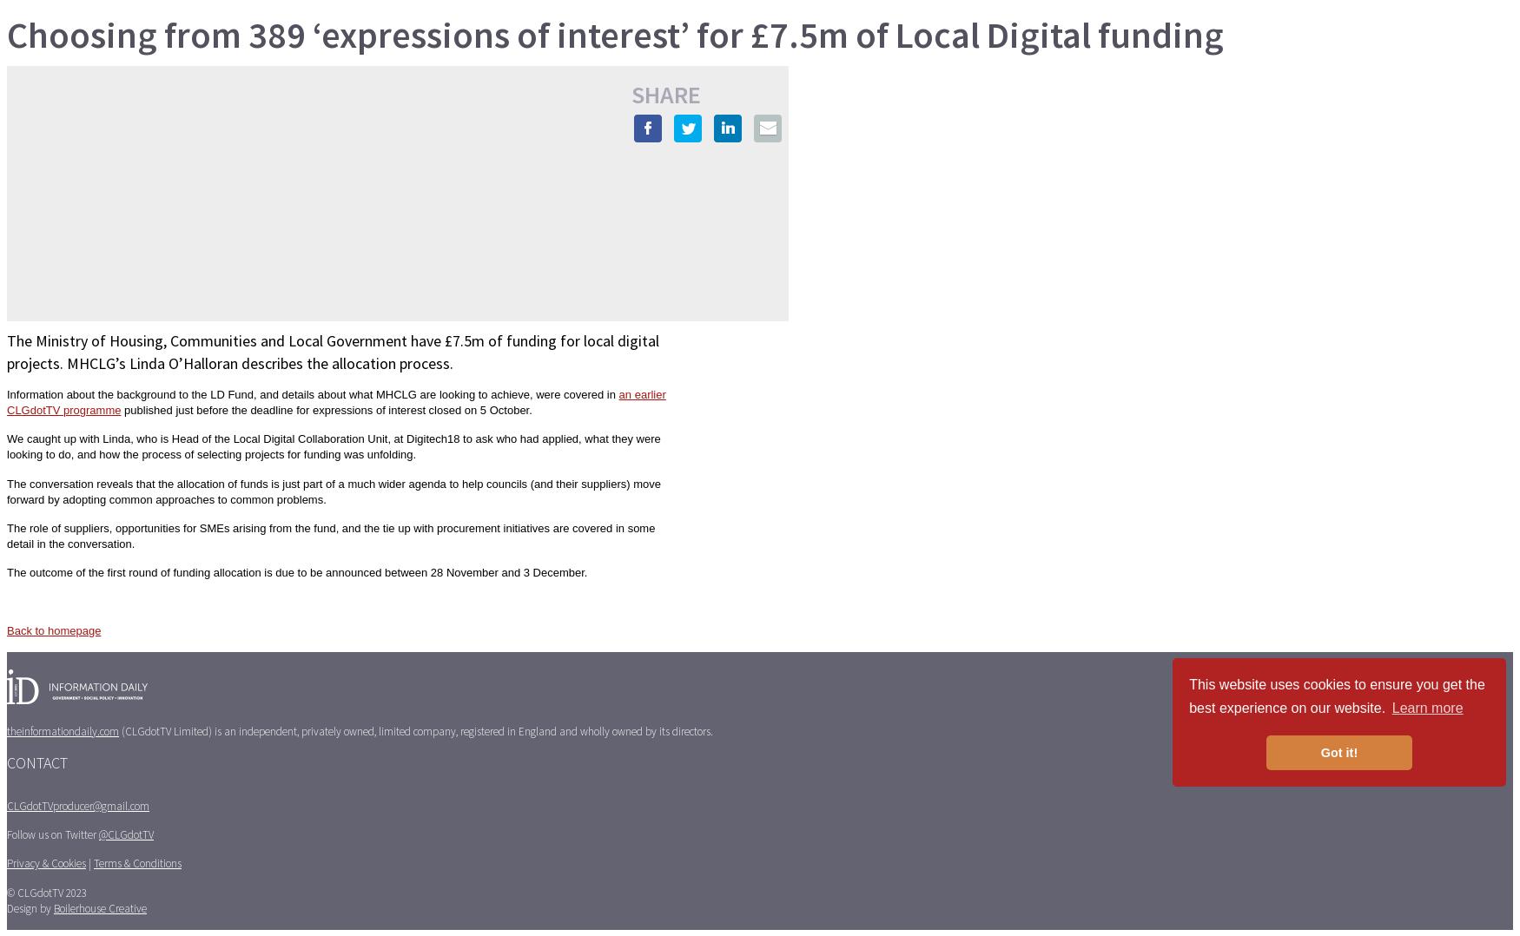 This screenshot has height=936, width=1520. What do you see at coordinates (52, 629) in the screenshot?
I see `'Back to homepage'` at bounding box center [52, 629].